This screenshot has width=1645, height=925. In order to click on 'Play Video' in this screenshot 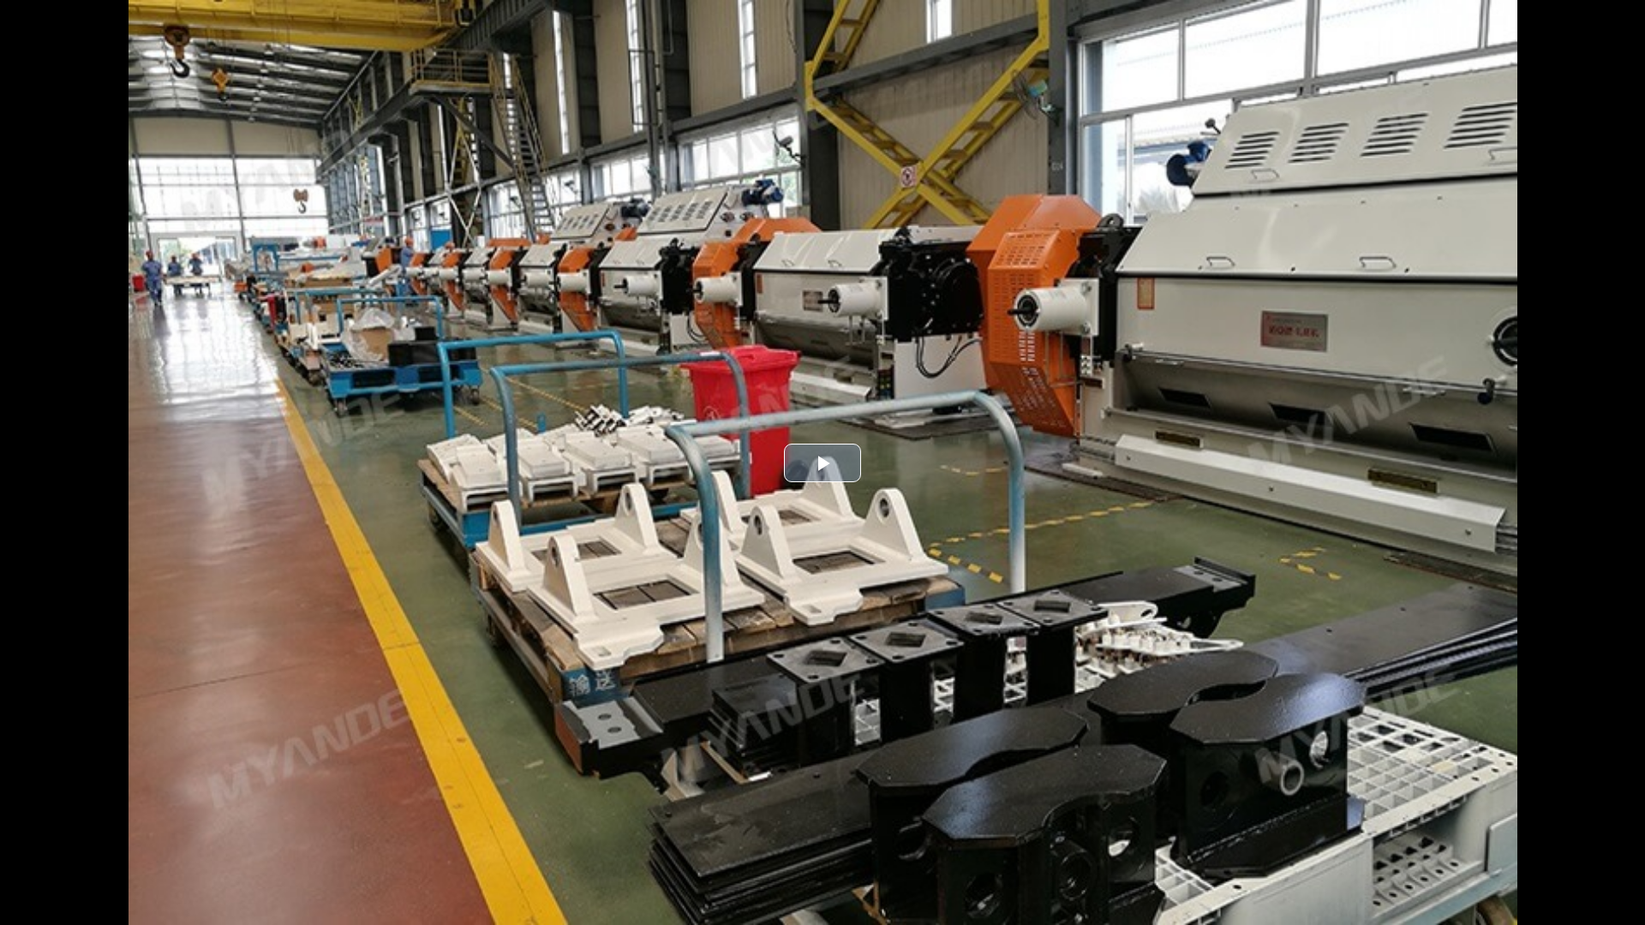, I will do `click(822, 462)`.